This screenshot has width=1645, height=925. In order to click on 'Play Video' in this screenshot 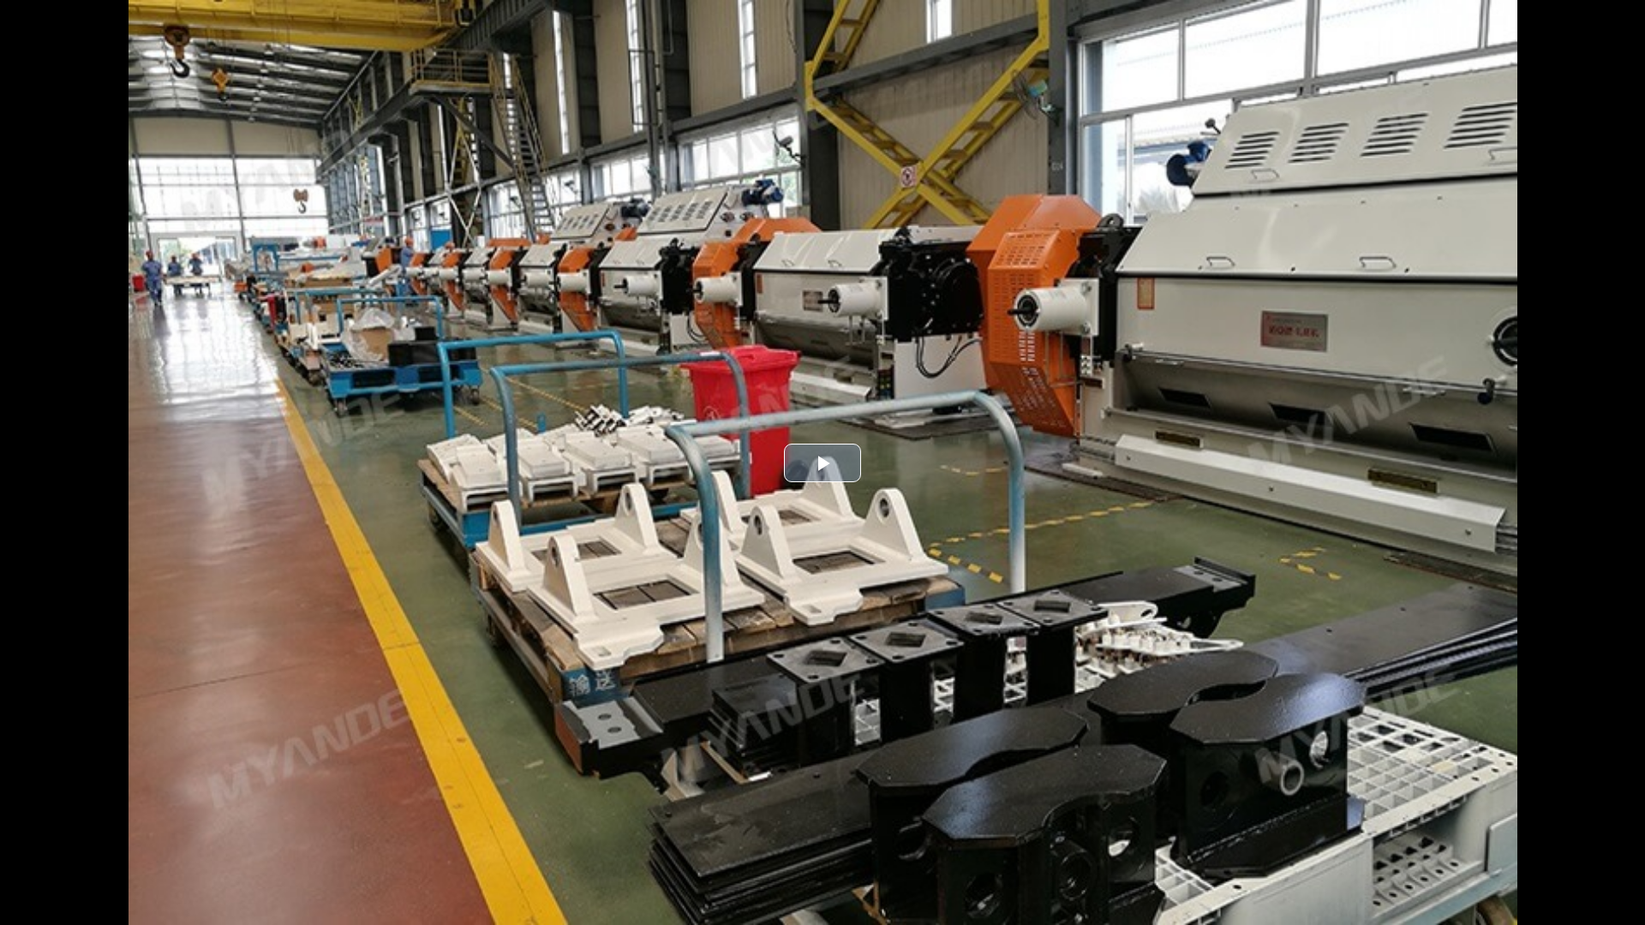, I will do `click(822, 462)`.